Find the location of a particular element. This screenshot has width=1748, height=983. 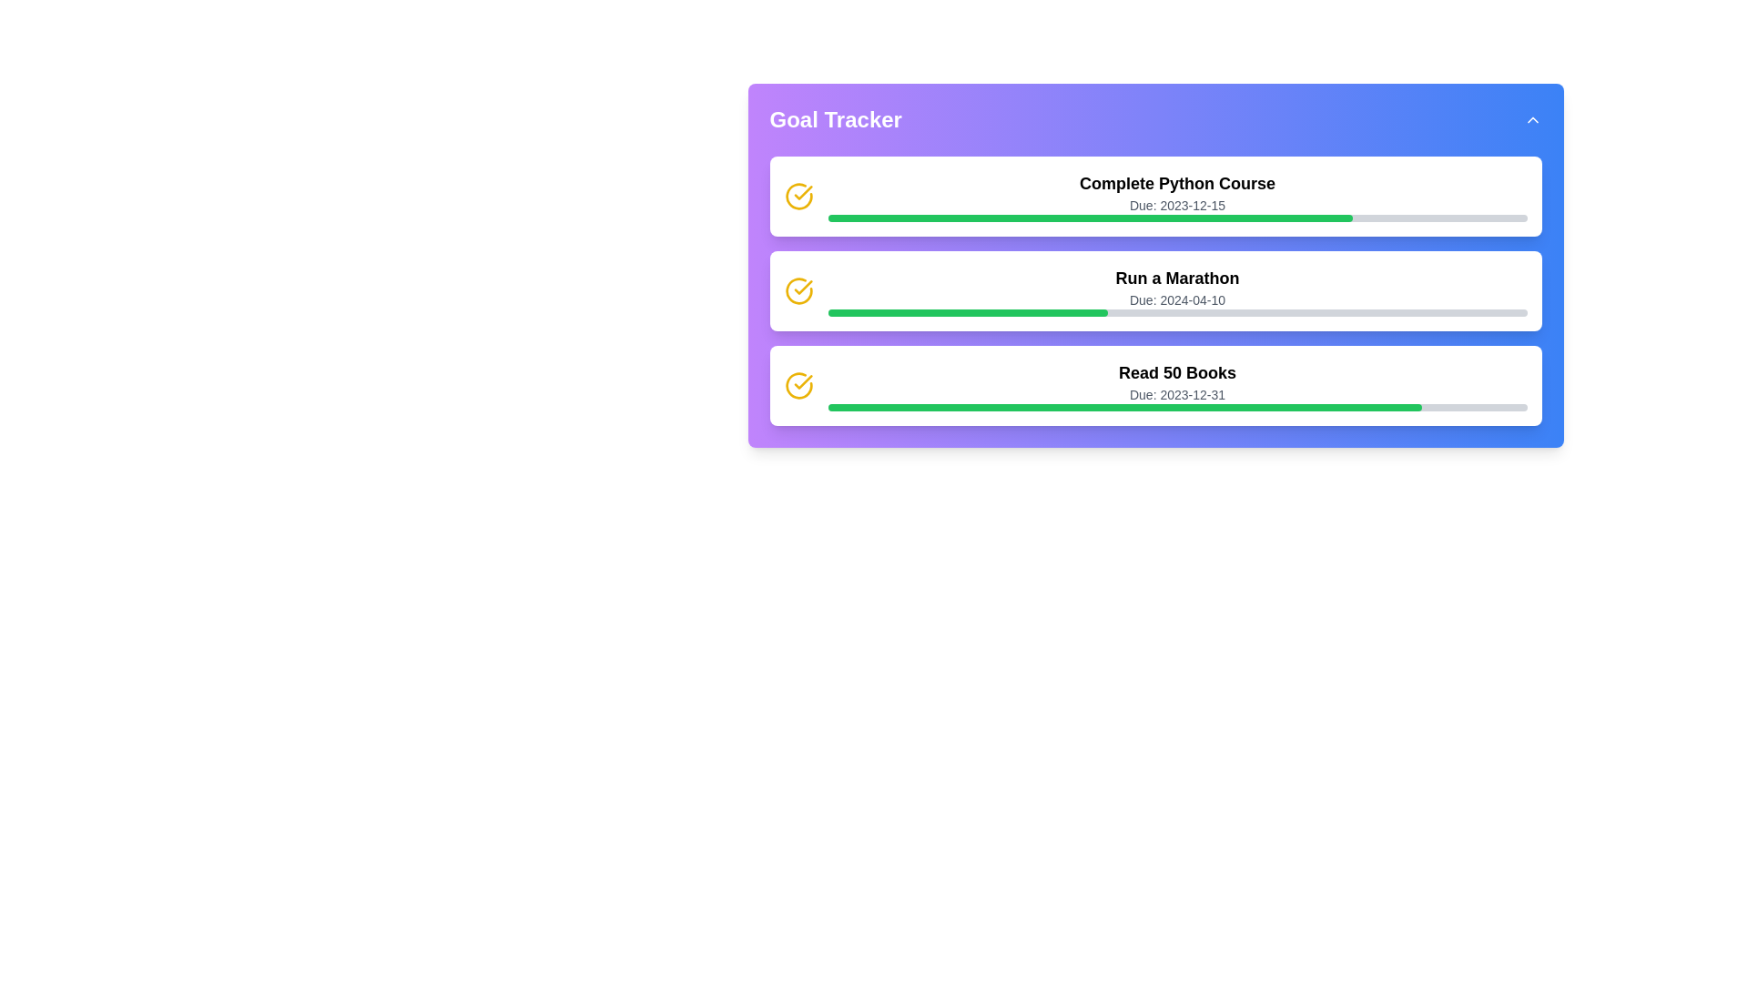

the horizontal progress bar located below the text 'Read 50 Books' and 'Due: 2023-12-31', which is the third progress bar in the Goal Tracker is located at coordinates (1177, 406).